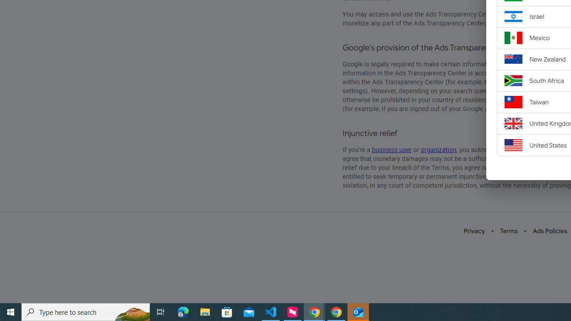 The width and height of the screenshot is (571, 321). Describe the element at coordinates (509, 230) in the screenshot. I see `'Terms'` at that location.